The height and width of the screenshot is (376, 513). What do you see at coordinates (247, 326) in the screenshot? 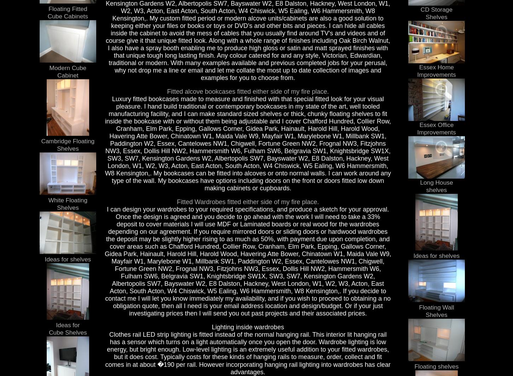
I see `'Lighting inside wardrobes'` at bounding box center [247, 326].